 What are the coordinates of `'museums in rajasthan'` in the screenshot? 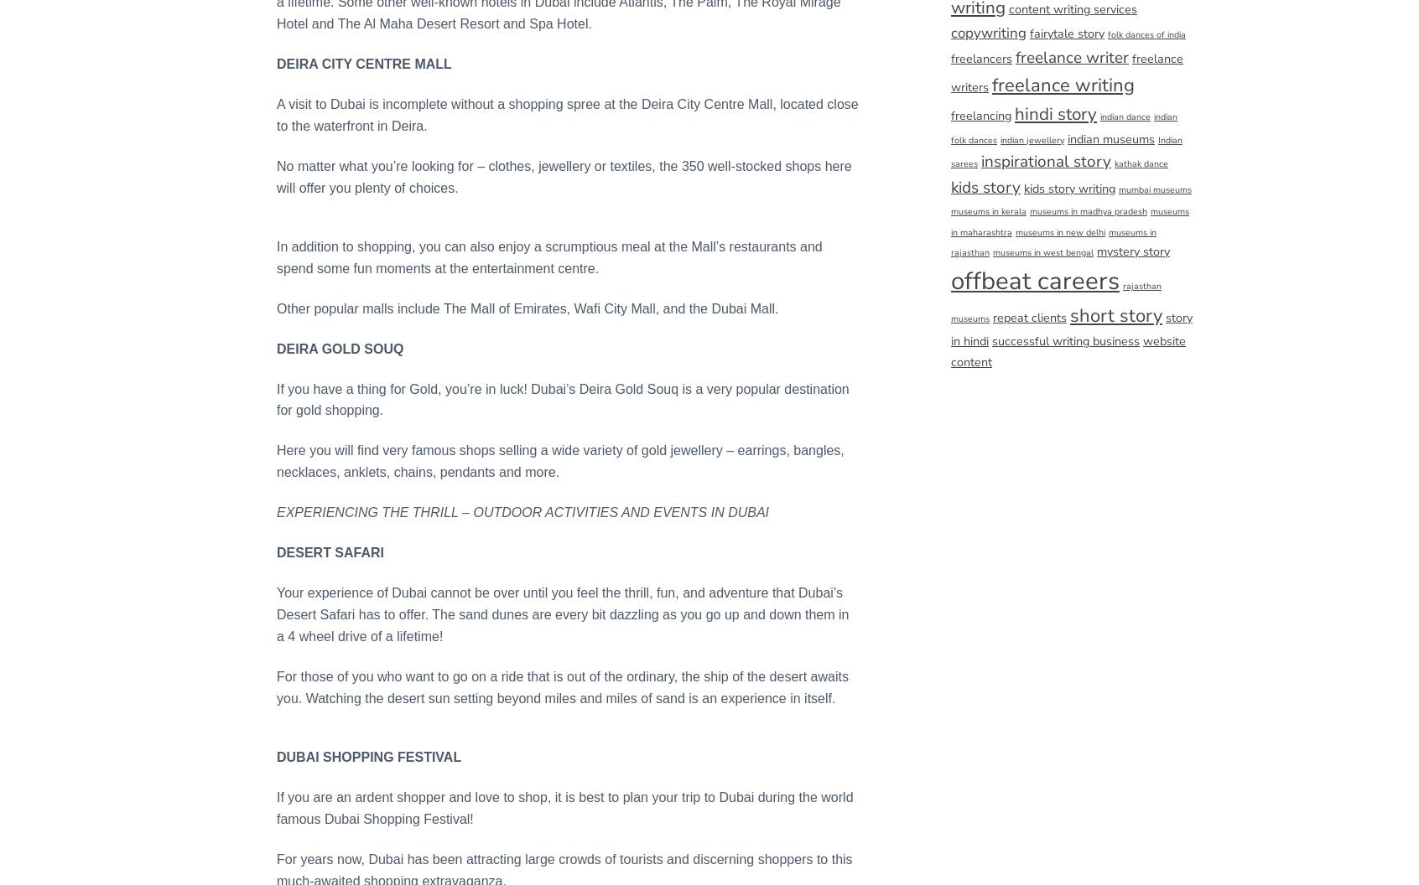 It's located at (1053, 241).